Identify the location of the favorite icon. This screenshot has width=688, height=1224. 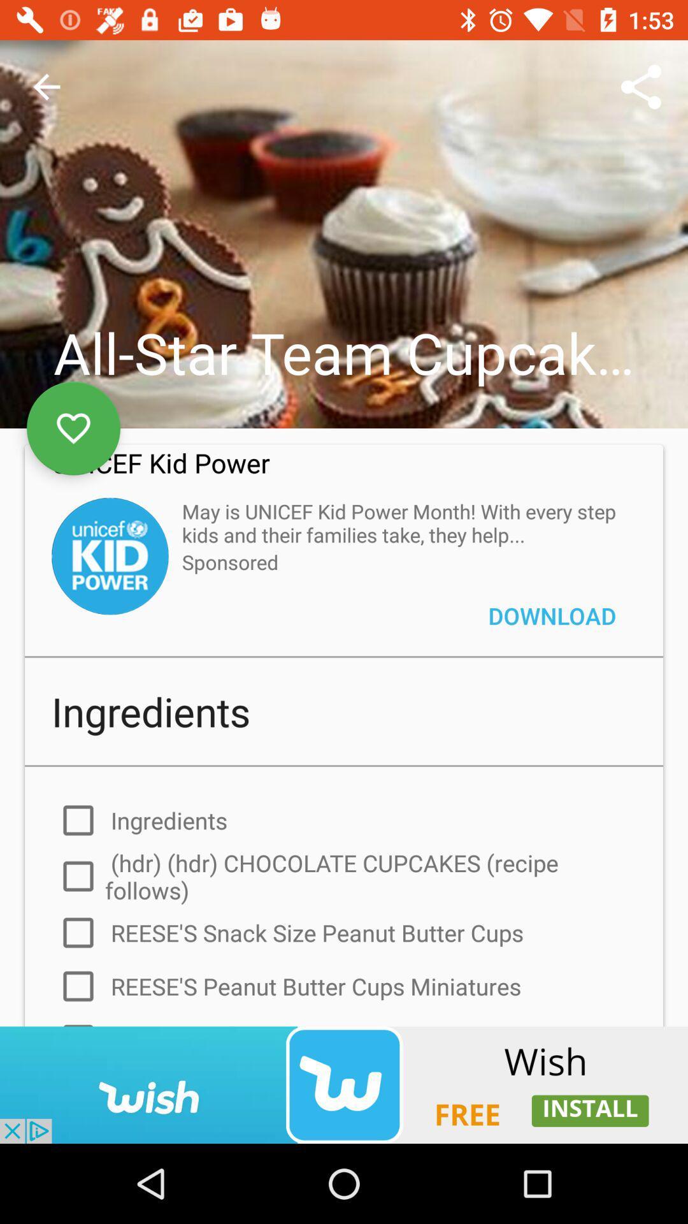
(73, 428).